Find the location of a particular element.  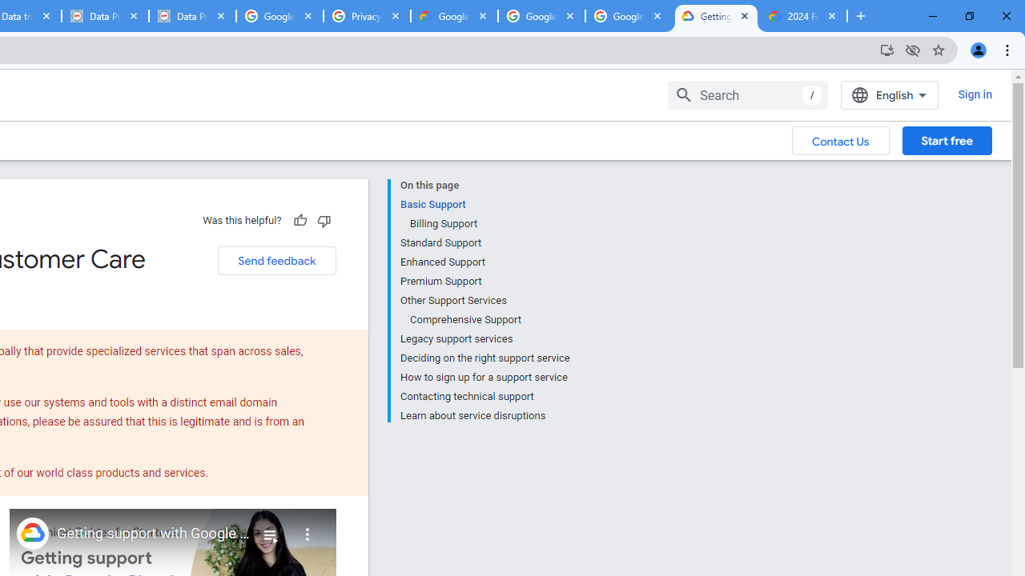

'More' is located at coordinates (308, 528).